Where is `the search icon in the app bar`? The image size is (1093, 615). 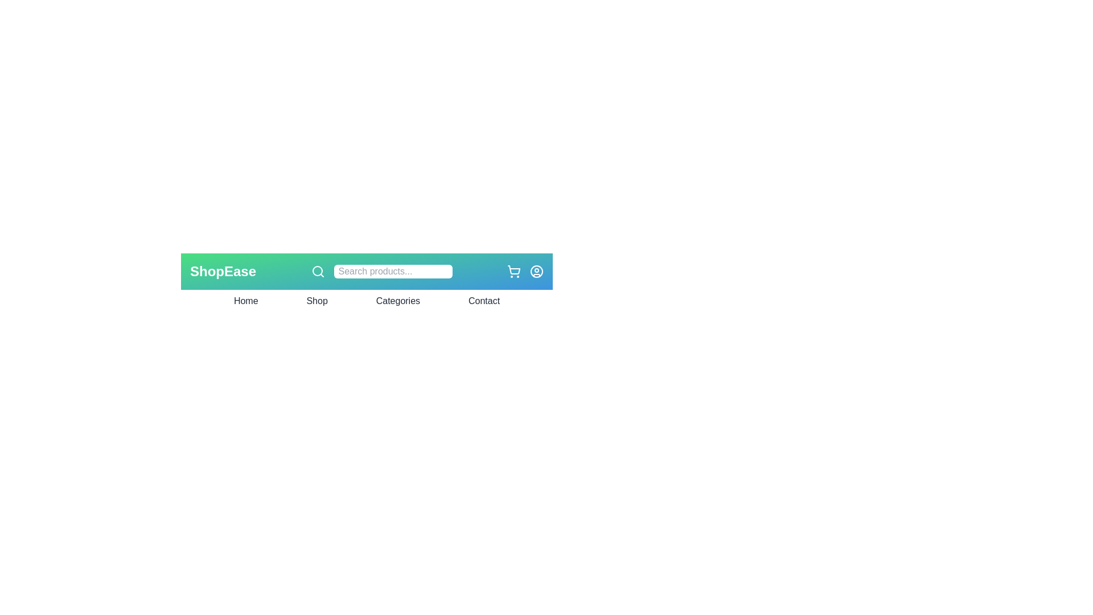
the search icon in the app bar is located at coordinates (317, 272).